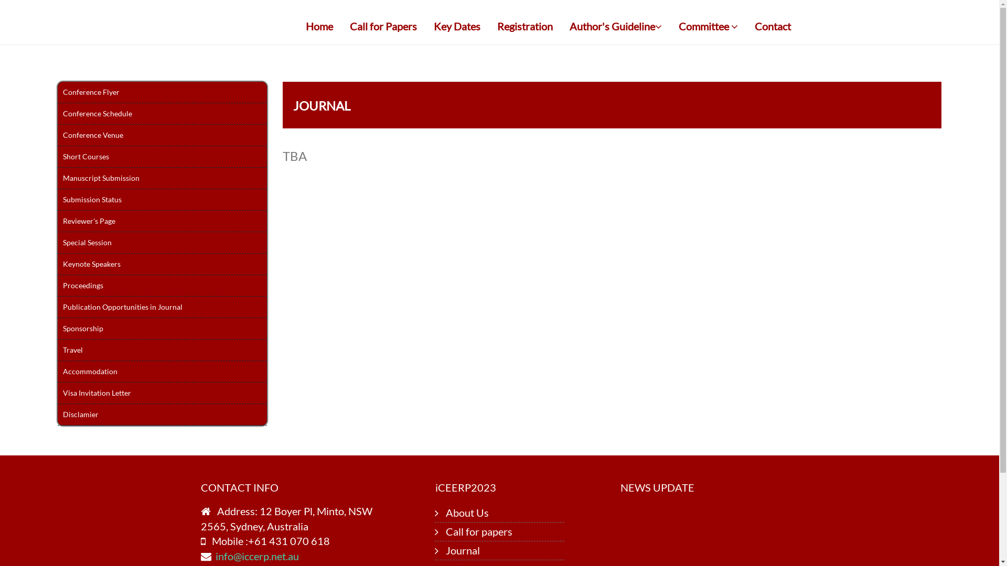  What do you see at coordinates (669, 26) in the screenshot?
I see `'Committee'` at bounding box center [669, 26].